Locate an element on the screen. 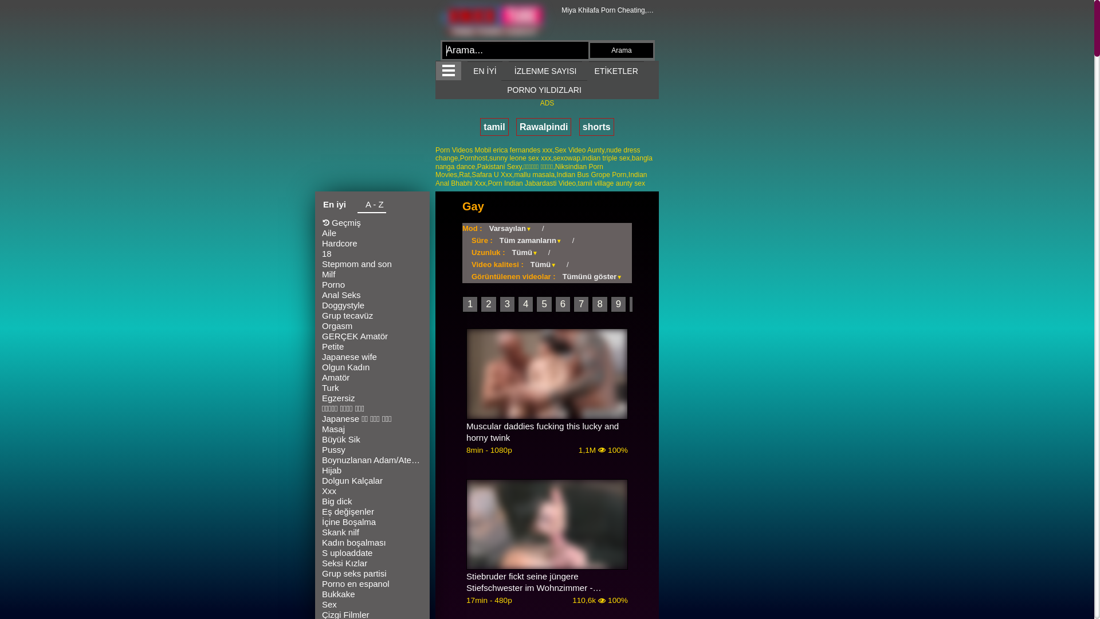 The width and height of the screenshot is (1100, 619). '7' is located at coordinates (581, 304).